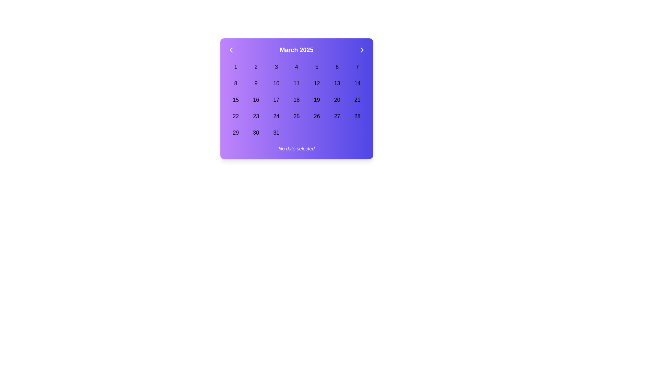  What do you see at coordinates (357, 100) in the screenshot?
I see `the button representing the 21st day of the month in the calendar grid` at bounding box center [357, 100].